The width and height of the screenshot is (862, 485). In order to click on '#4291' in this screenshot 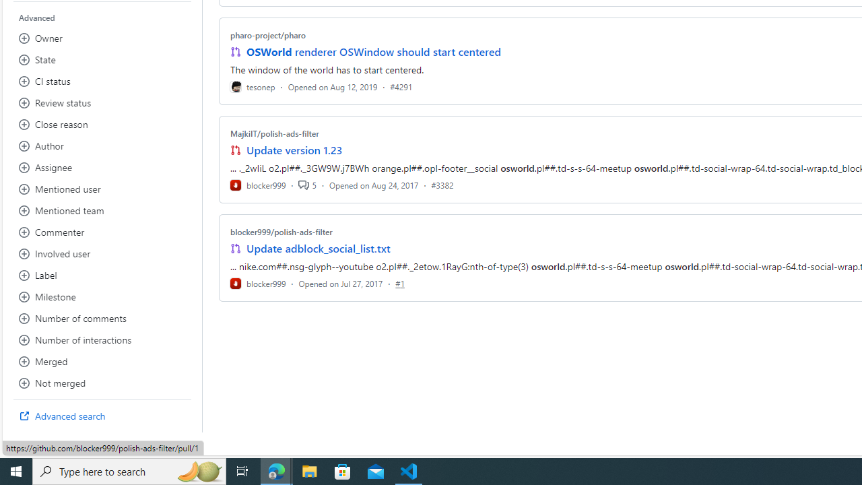, I will do `click(400, 86)`.